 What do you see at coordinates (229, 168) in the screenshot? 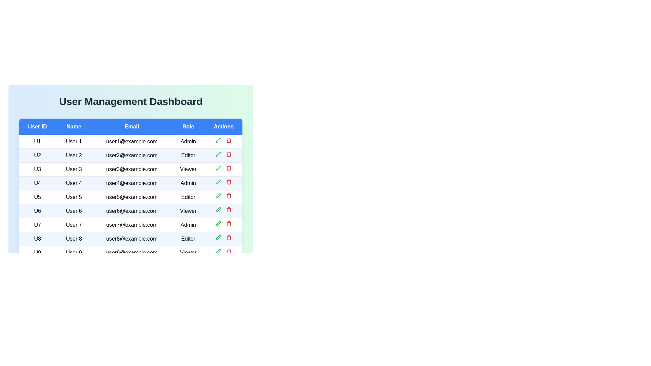
I see `delete button for the user with ID U3` at bounding box center [229, 168].